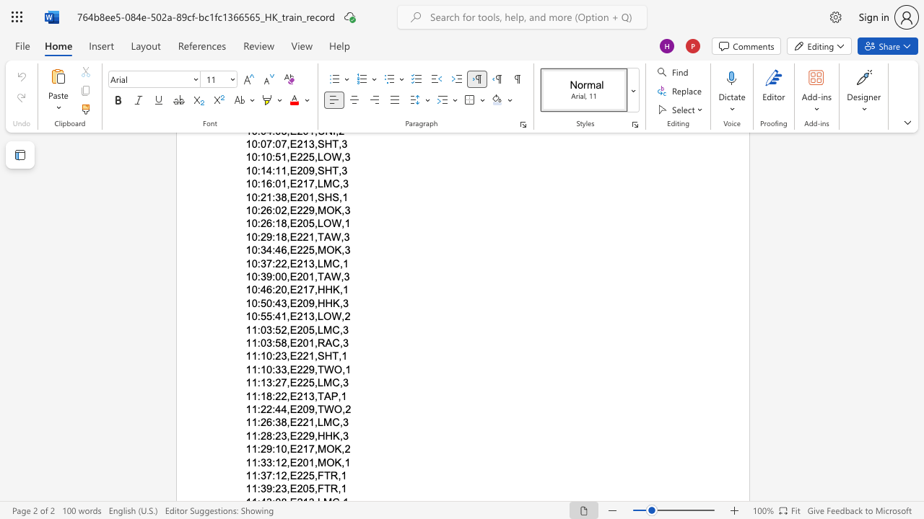  What do you see at coordinates (316, 488) in the screenshot?
I see `the subset text "FT" within the text "11:39:23,E205,FTR,1"` at bounding box center [316, 488].